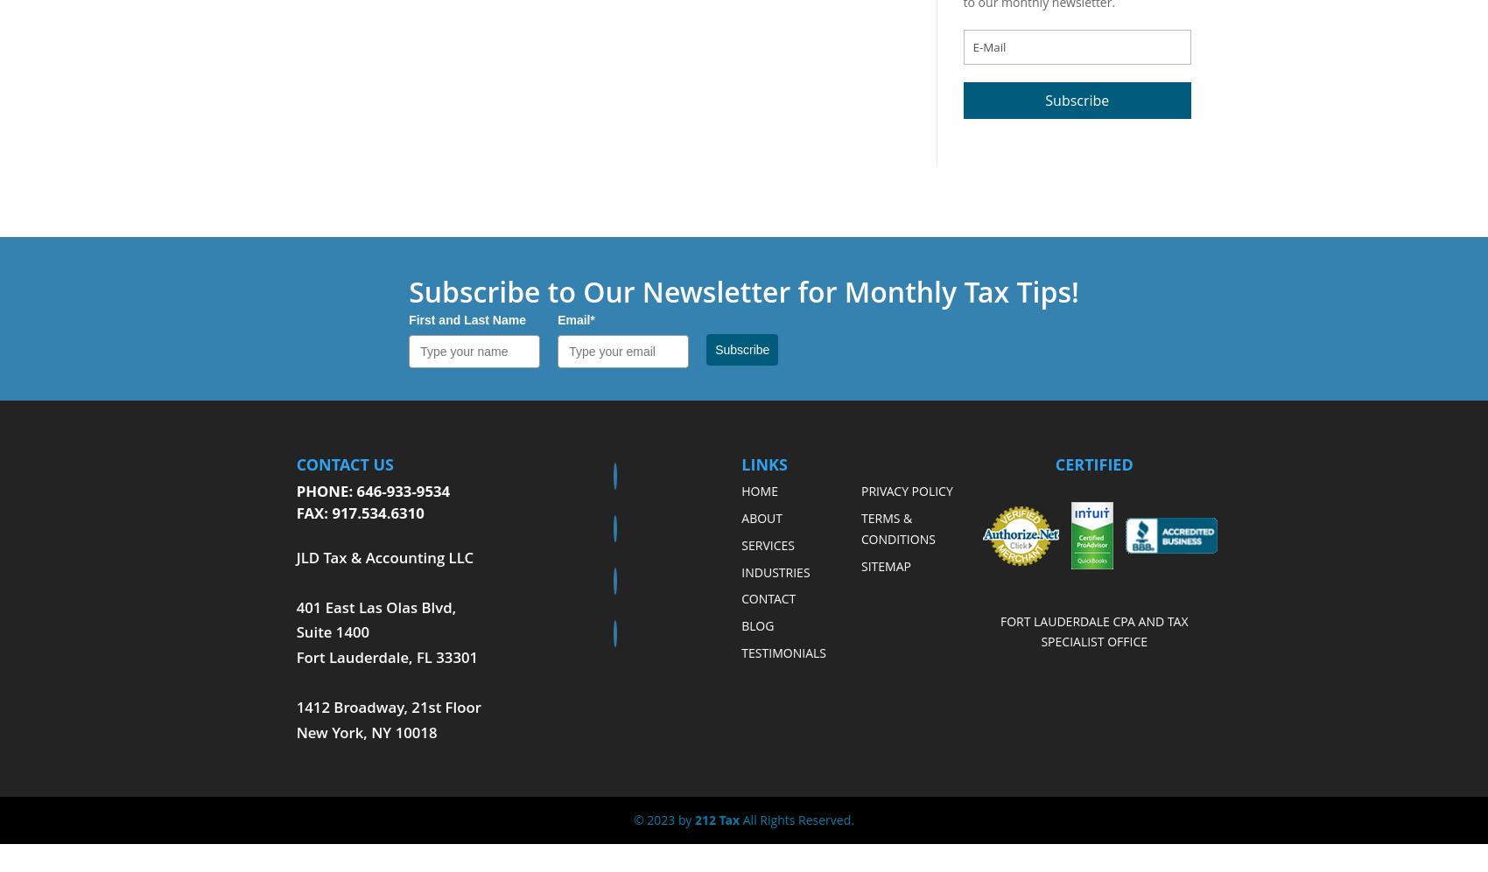  Describe the element at coordinates (359, 513) in the screenshot. I see `'FAX: 917.534.6310'` at that location.